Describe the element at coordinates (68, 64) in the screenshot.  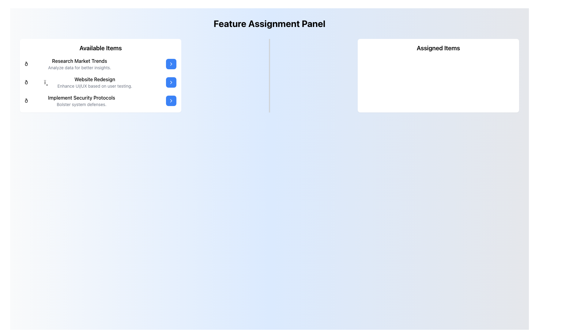
I see `the first list item representing a task related to analyzing market trends` at that location.